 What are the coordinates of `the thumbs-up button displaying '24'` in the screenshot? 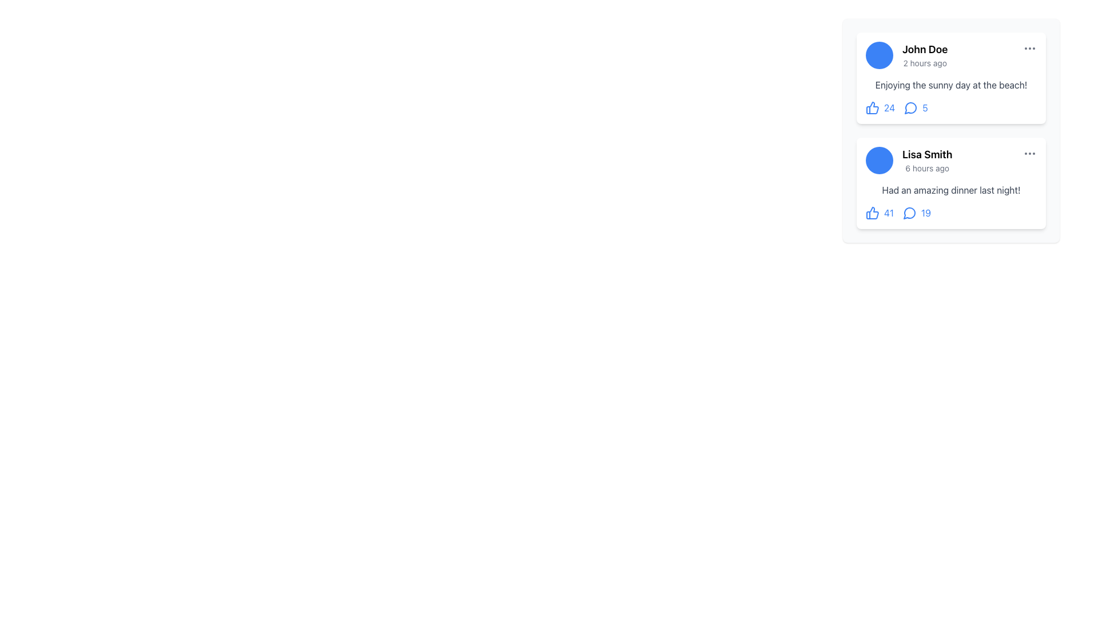 It's located at (880, 108).